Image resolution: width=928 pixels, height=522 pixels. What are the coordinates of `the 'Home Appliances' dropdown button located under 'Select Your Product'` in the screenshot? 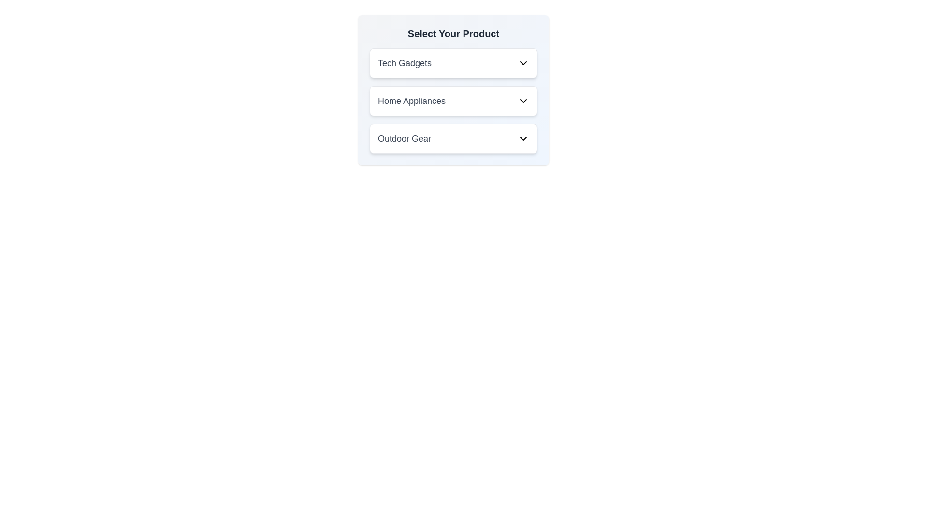 It's located at (453, 101).